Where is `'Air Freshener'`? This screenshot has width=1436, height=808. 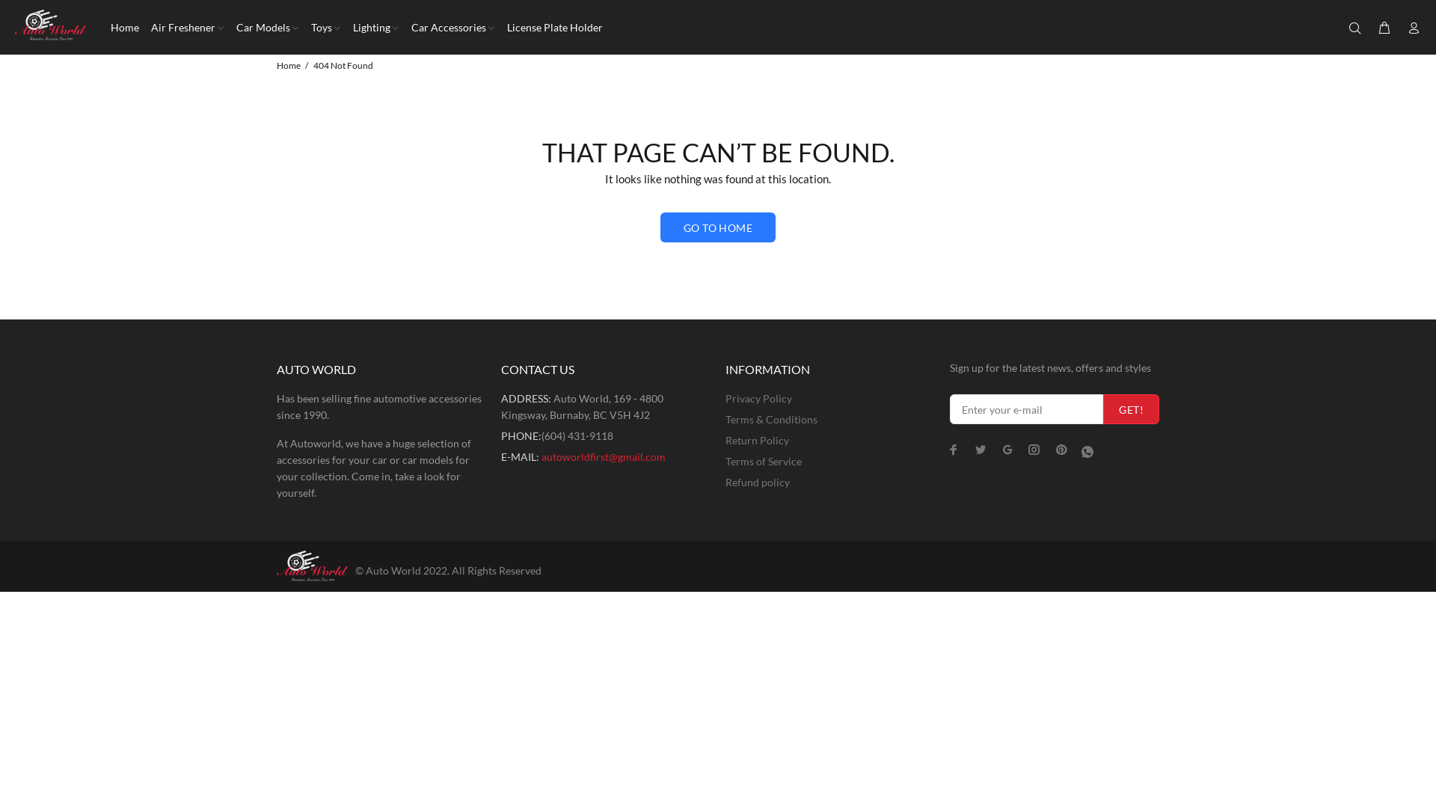
'Air Freshener' is located at coordinates (144, 27).